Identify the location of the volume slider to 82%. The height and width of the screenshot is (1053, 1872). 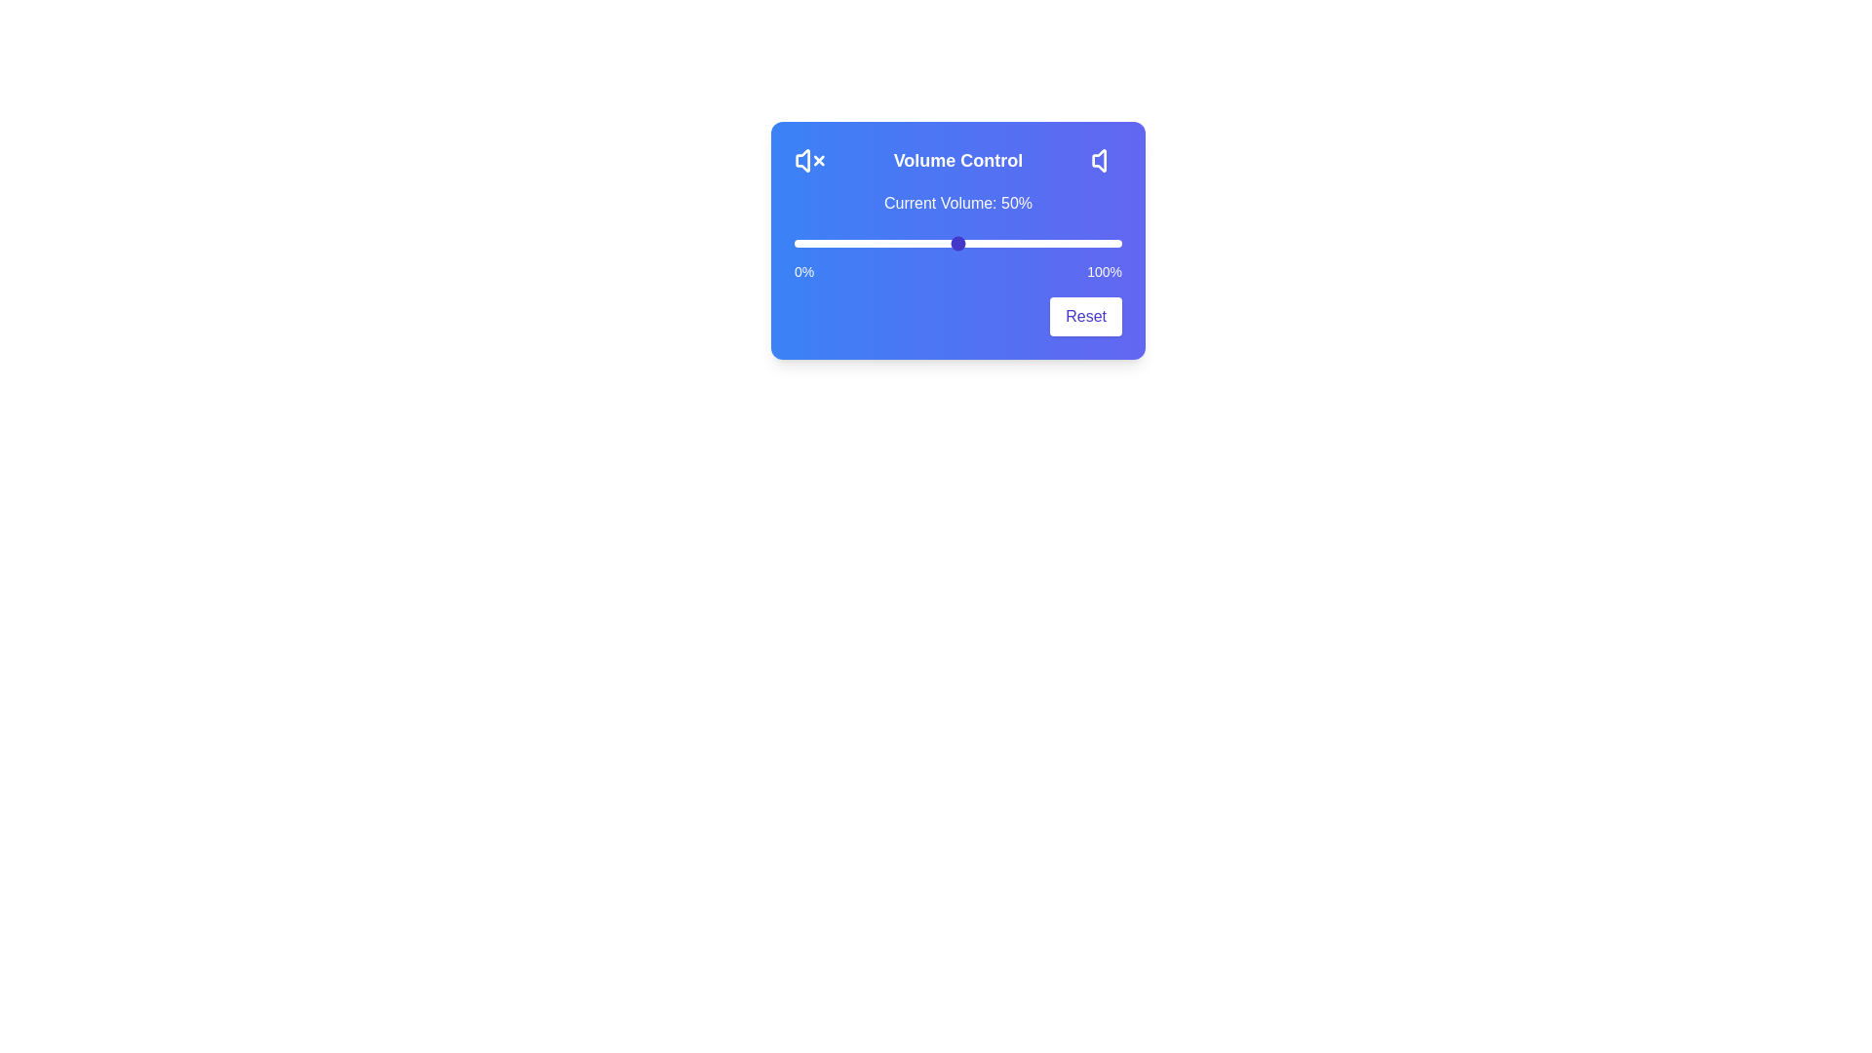
(1062, 243).